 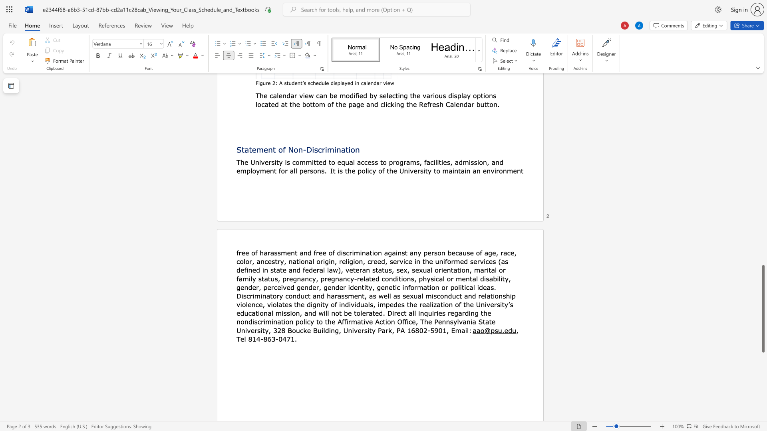 What do you see at coordinates (763, 188) in the screenshot?
I see `the scrollbar to scroll the page up` at bounding box center [763, 188].